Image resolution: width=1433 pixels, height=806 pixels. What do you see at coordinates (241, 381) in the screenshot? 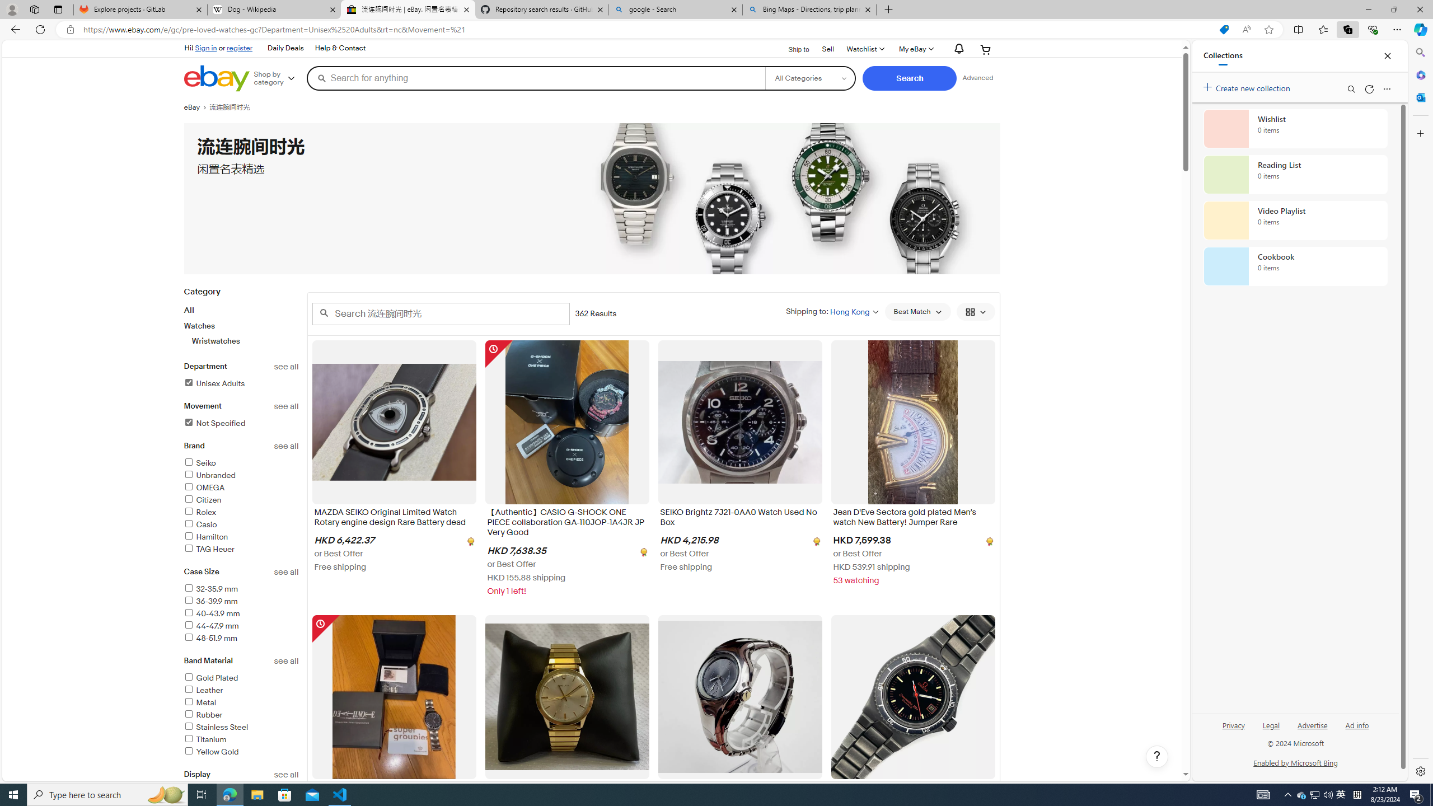
I see `'Departmentsee allUnisex AdultsFilter Applied'` at bounding box center [241, 381].